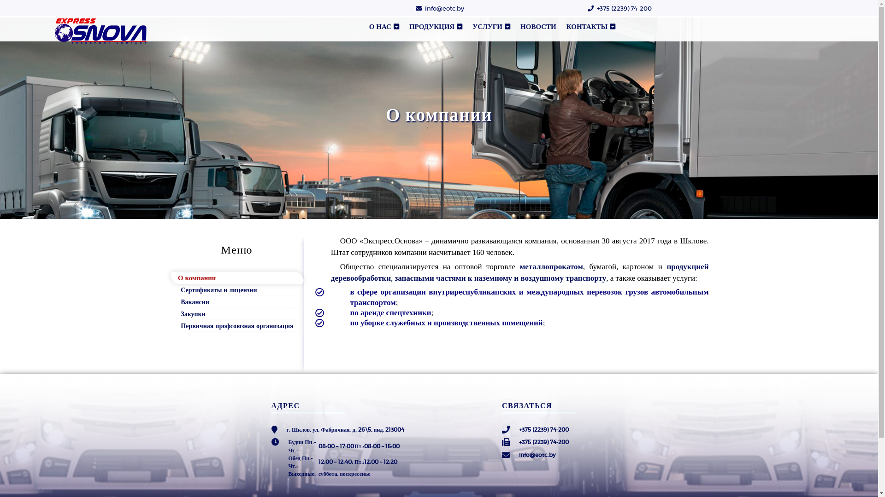 The width and height of the screenshot is (885, 497). I want to click on 'info@eotc.by', so click(519, 454).